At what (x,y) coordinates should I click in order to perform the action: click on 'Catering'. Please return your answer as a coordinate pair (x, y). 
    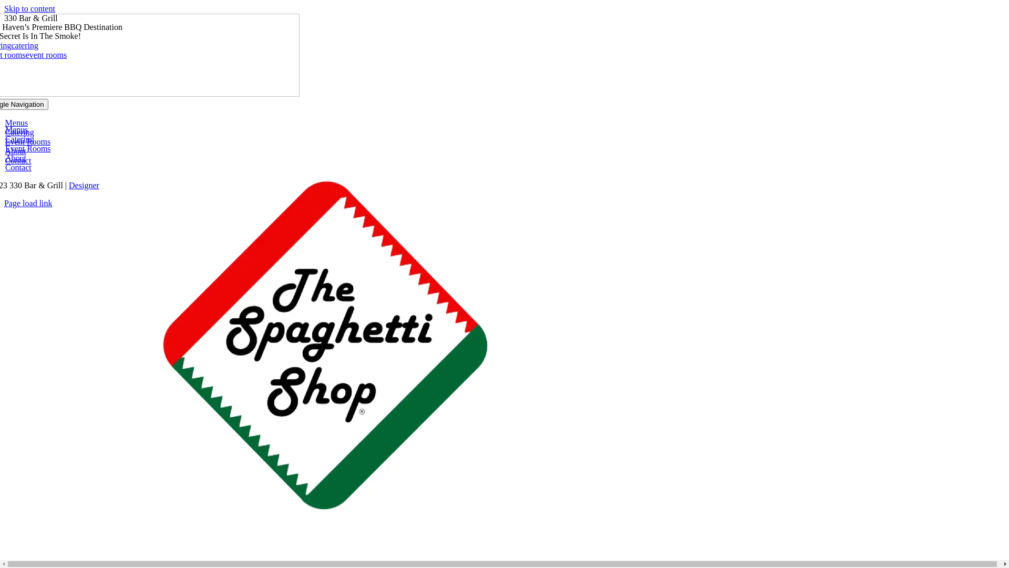
    Looking at the image, I should click on (19, 138).